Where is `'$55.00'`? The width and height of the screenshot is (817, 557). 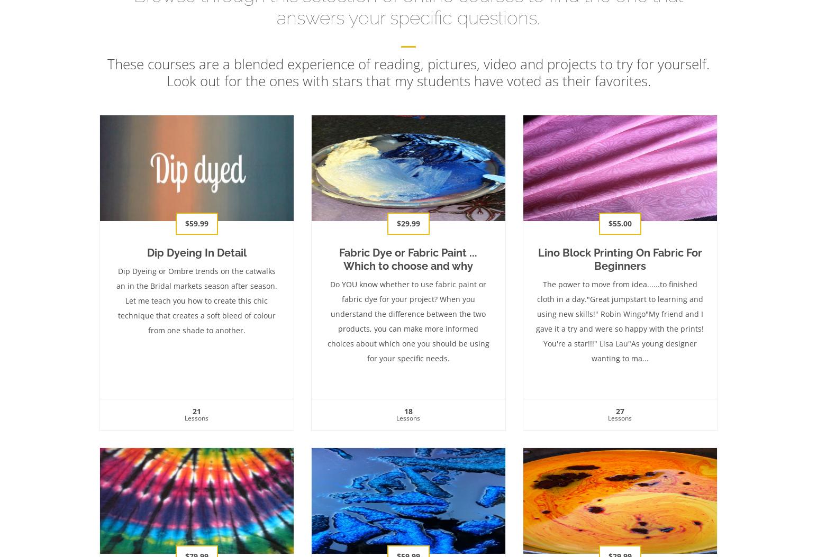
'$55.00' is located at coordinates (608, 223).